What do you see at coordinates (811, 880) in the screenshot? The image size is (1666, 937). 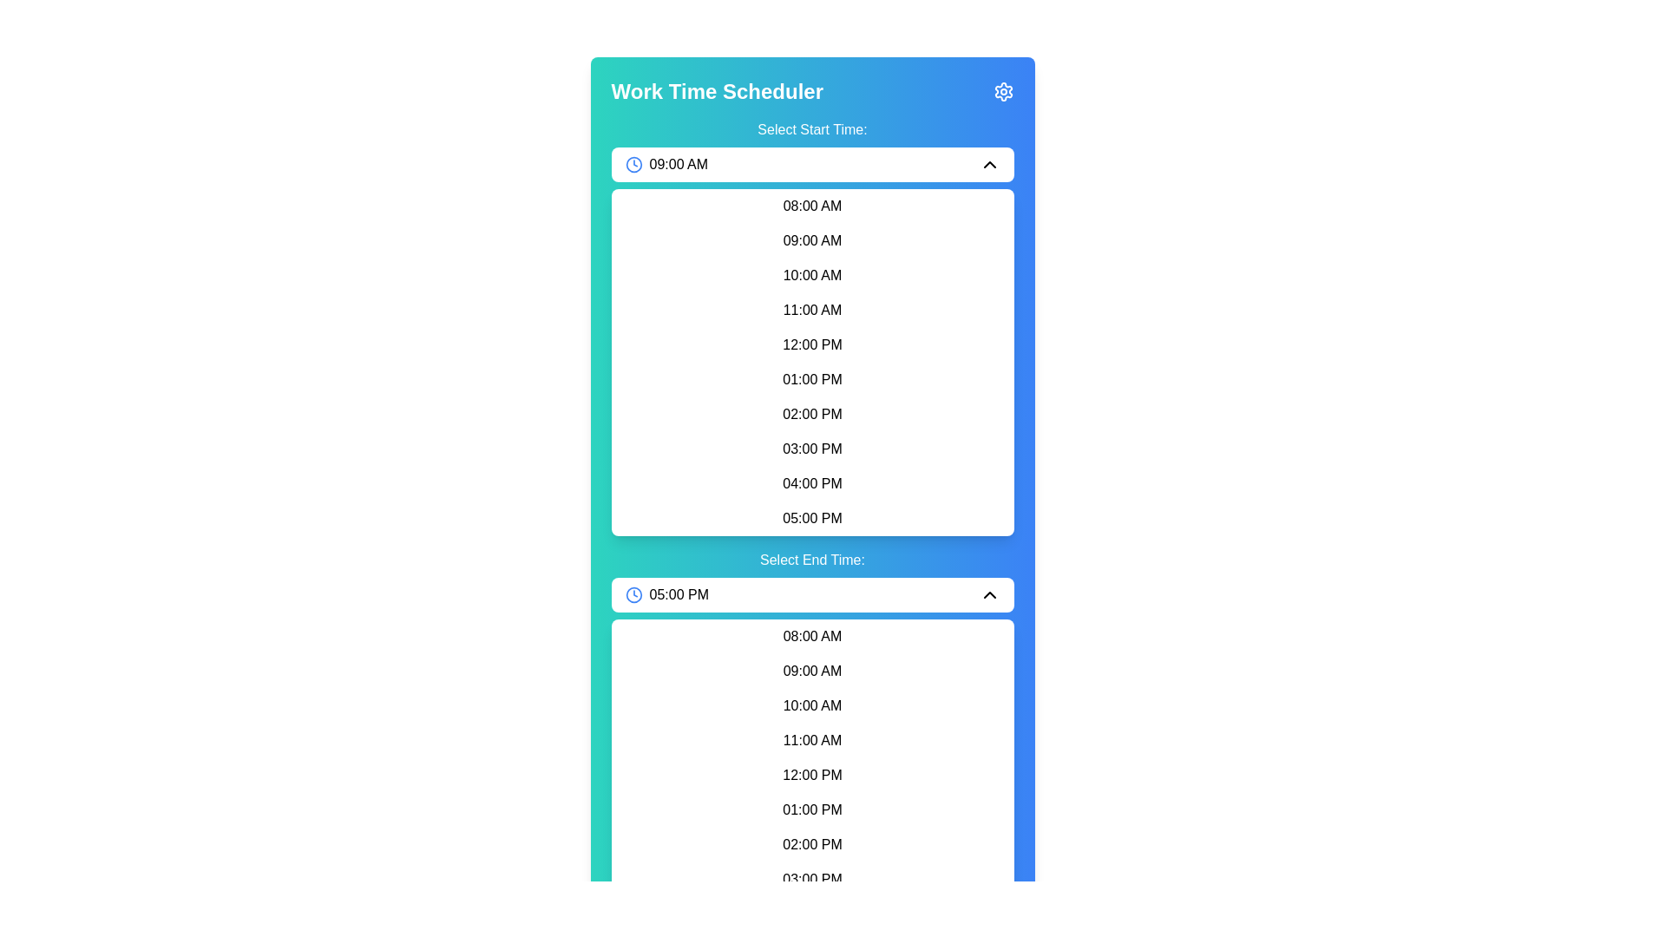 I see `the '03:00 PM' option in the selectable list under the 'Select End Time' section` at bounding box center [811, 880].